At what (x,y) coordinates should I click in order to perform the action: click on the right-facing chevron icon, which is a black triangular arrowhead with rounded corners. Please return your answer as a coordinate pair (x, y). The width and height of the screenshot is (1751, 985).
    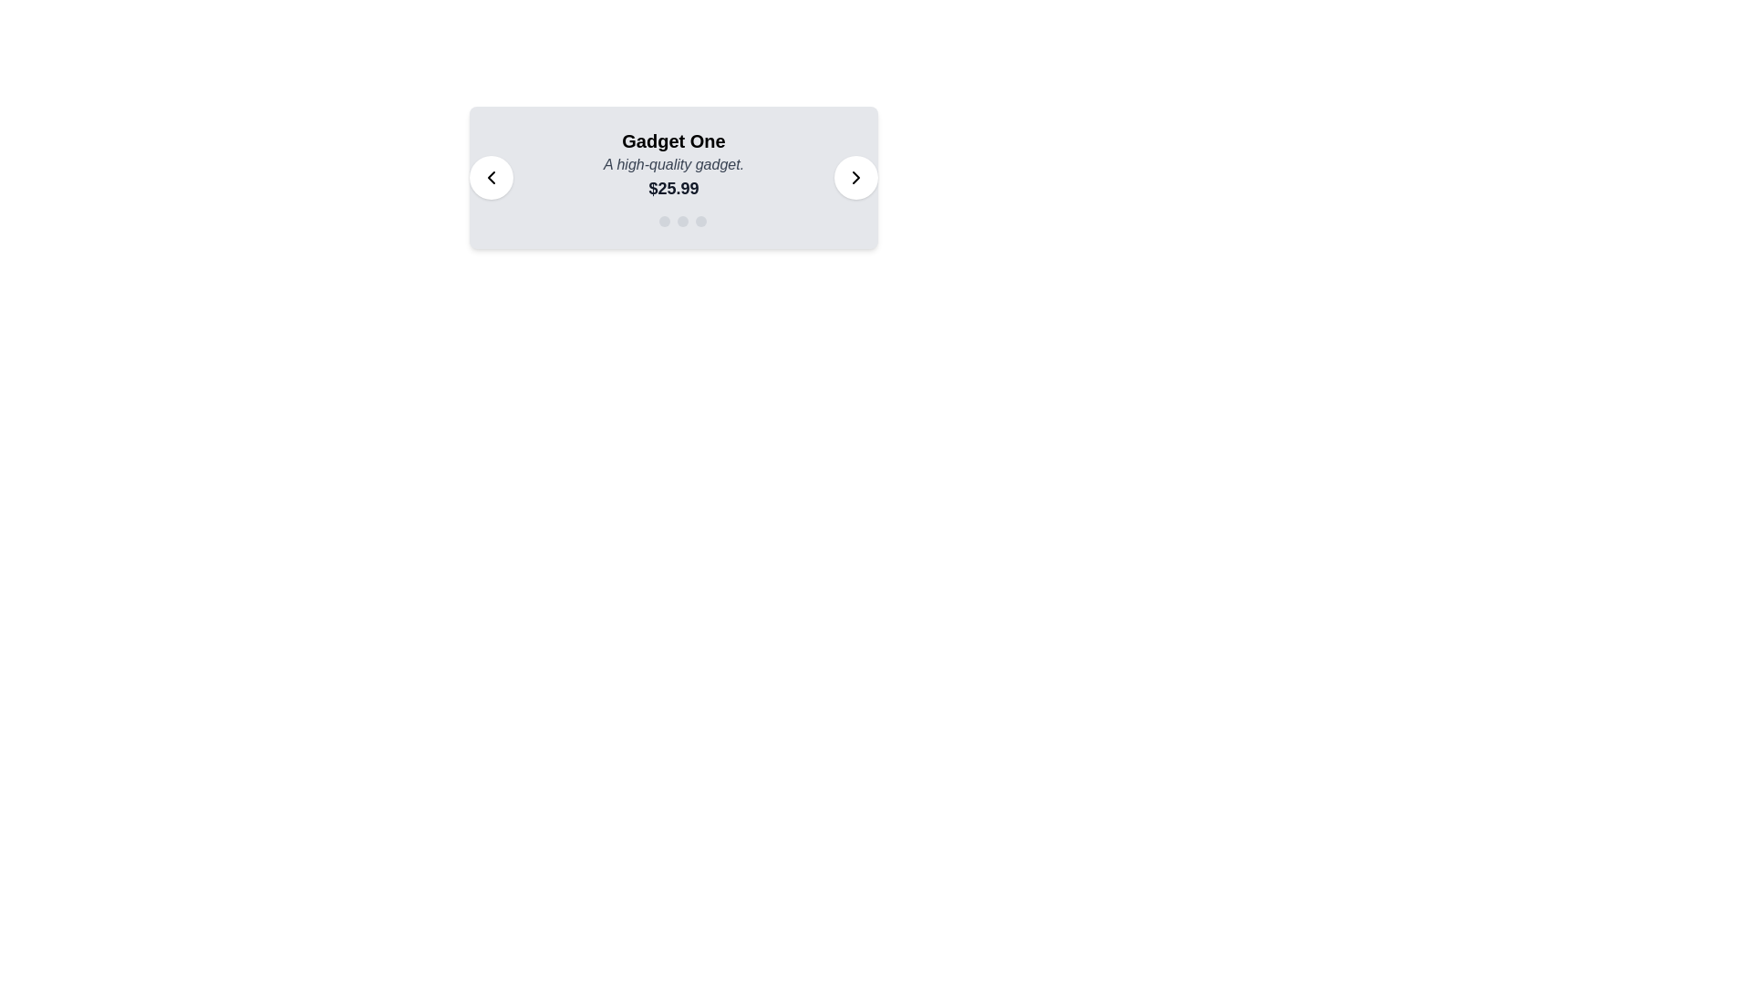
    Looking at the image, I should click on (855, 178).